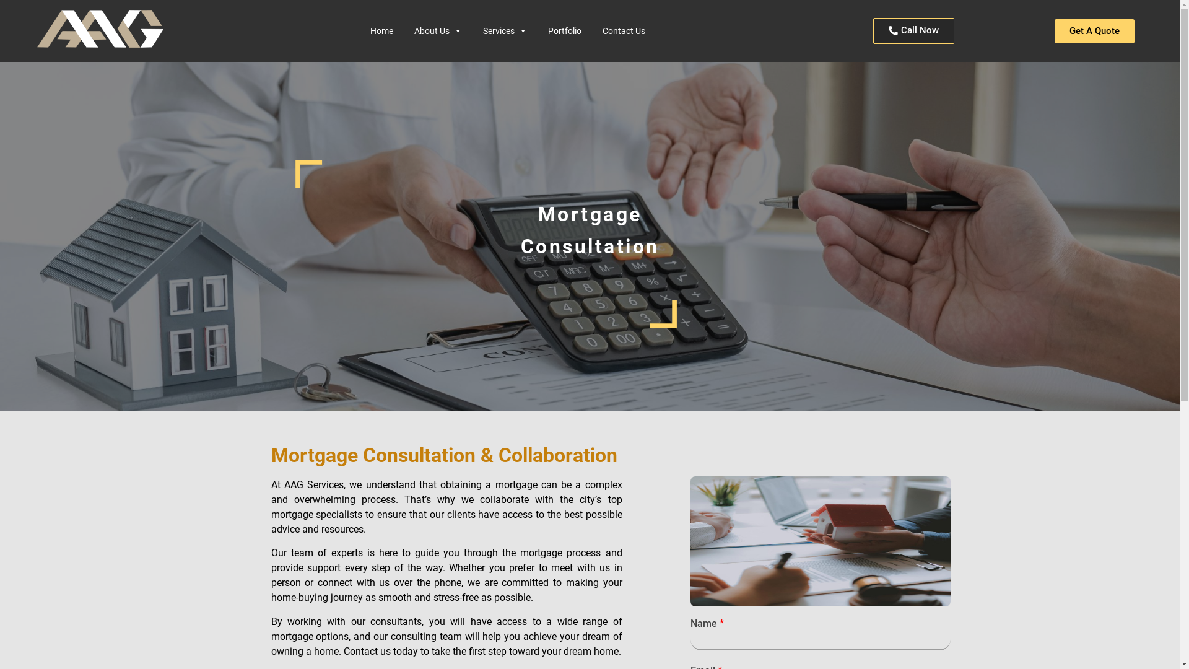 This screenshot has width=1189, height=669. I want to click on 'Portfolio', so click(564, 30).